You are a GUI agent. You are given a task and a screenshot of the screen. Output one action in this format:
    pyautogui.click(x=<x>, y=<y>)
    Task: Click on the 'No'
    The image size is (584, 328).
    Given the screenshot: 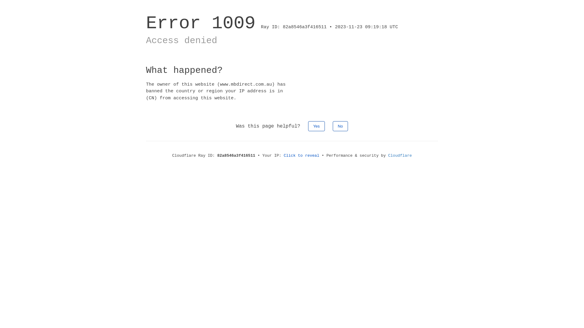 What is the action you would take?
    pyautogui.click(x=340, y=126)
    